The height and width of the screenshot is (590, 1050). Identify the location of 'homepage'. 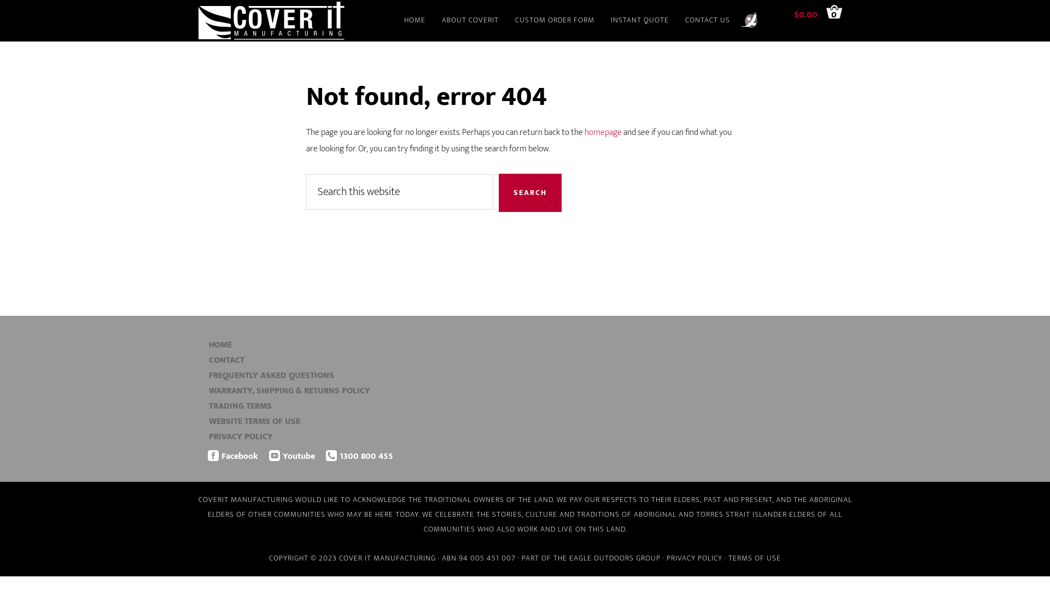
(603, 132).